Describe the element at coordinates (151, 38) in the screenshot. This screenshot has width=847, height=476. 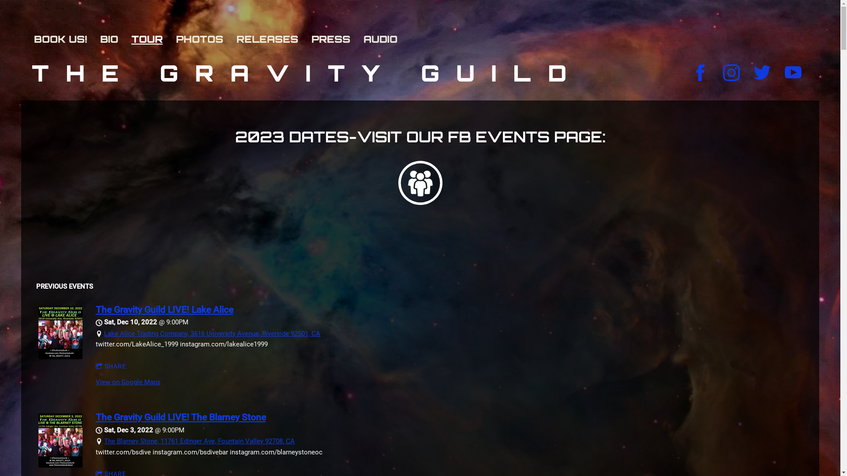
I see `'TOUR'` at that location.